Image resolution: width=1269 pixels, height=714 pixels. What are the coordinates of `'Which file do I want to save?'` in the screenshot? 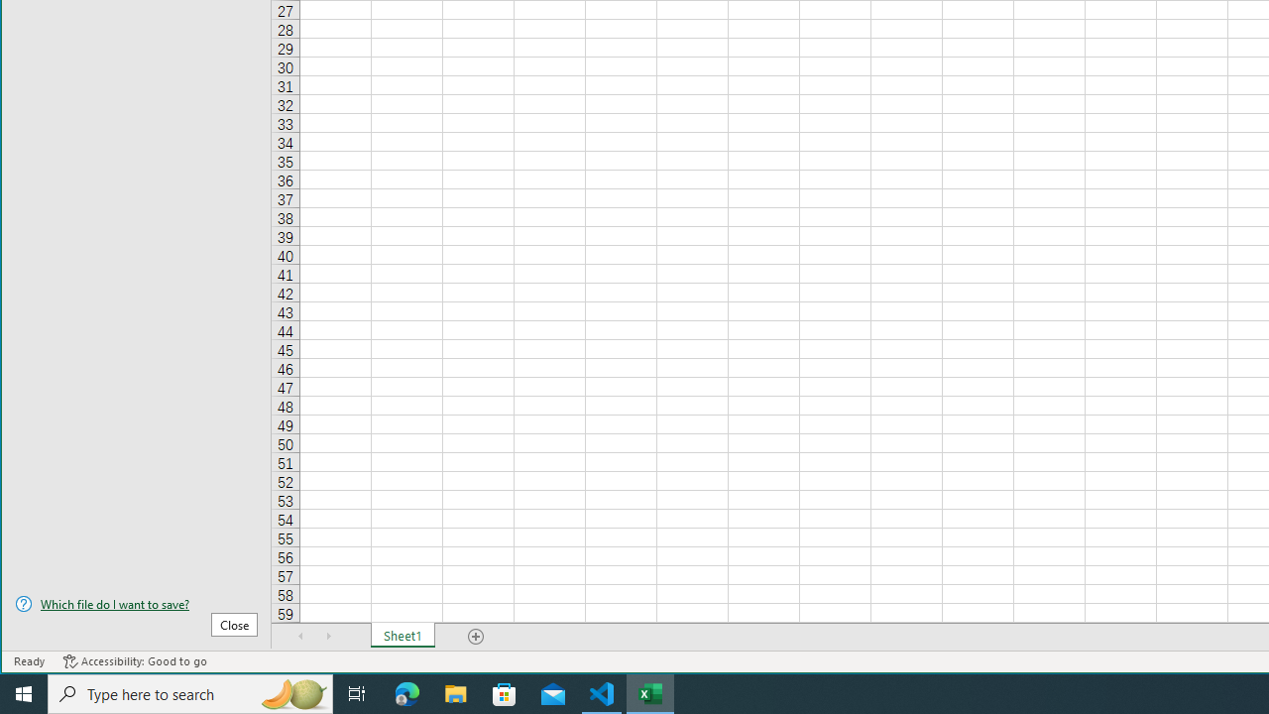 It's located at (135, 603).